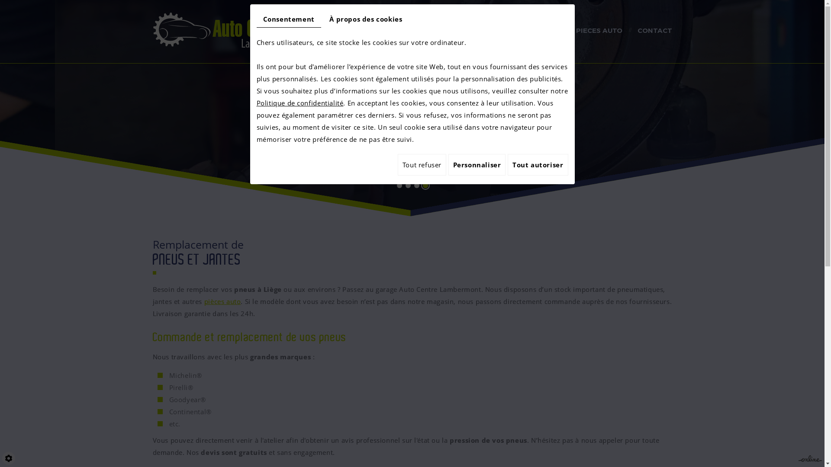 The image size is (831, 467). Describe the element at coordinates (513, 31) in the screenshot. I see `'PNEUS'` at that location.